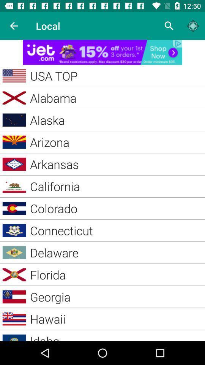  I want to click on the logo left to california, so click(14, 186).